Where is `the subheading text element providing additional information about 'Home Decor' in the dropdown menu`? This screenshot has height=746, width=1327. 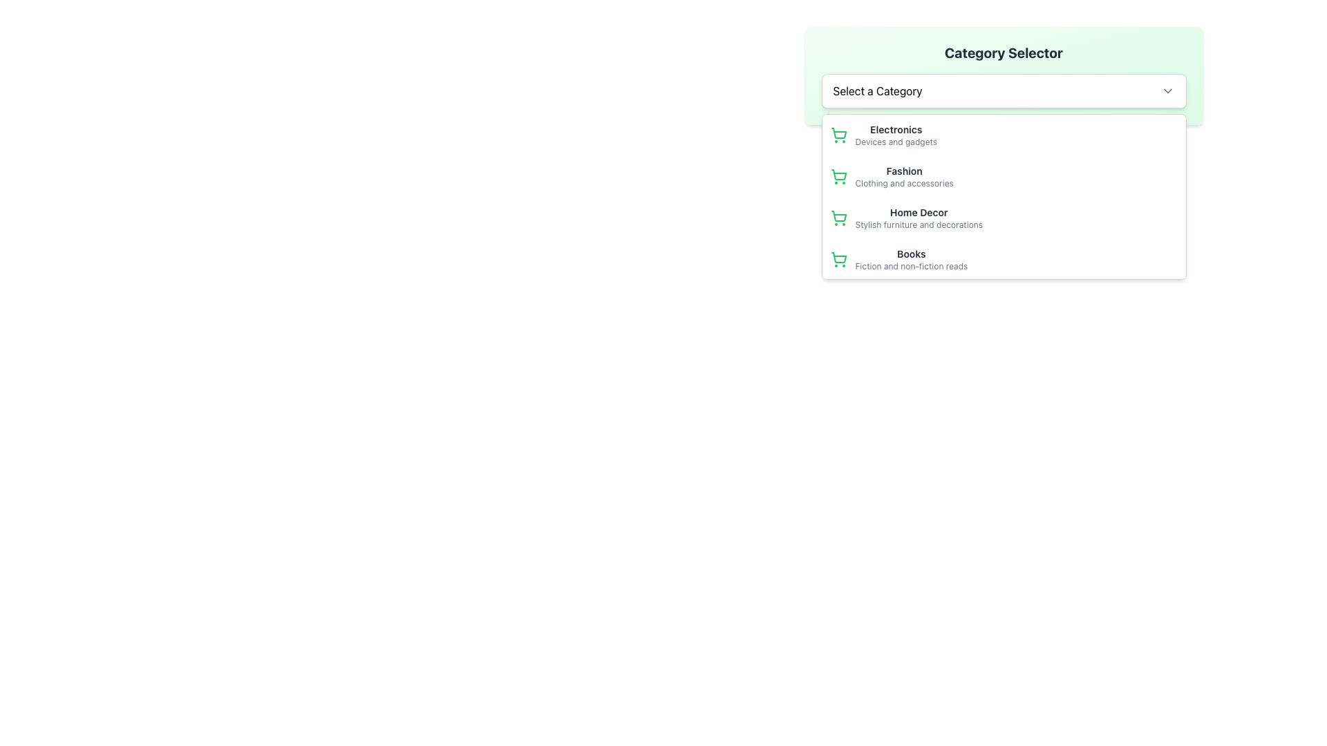
the subheading text element providing additional information about 'Home Decor' in the dropdown menu is located at coordinates (919, 224).